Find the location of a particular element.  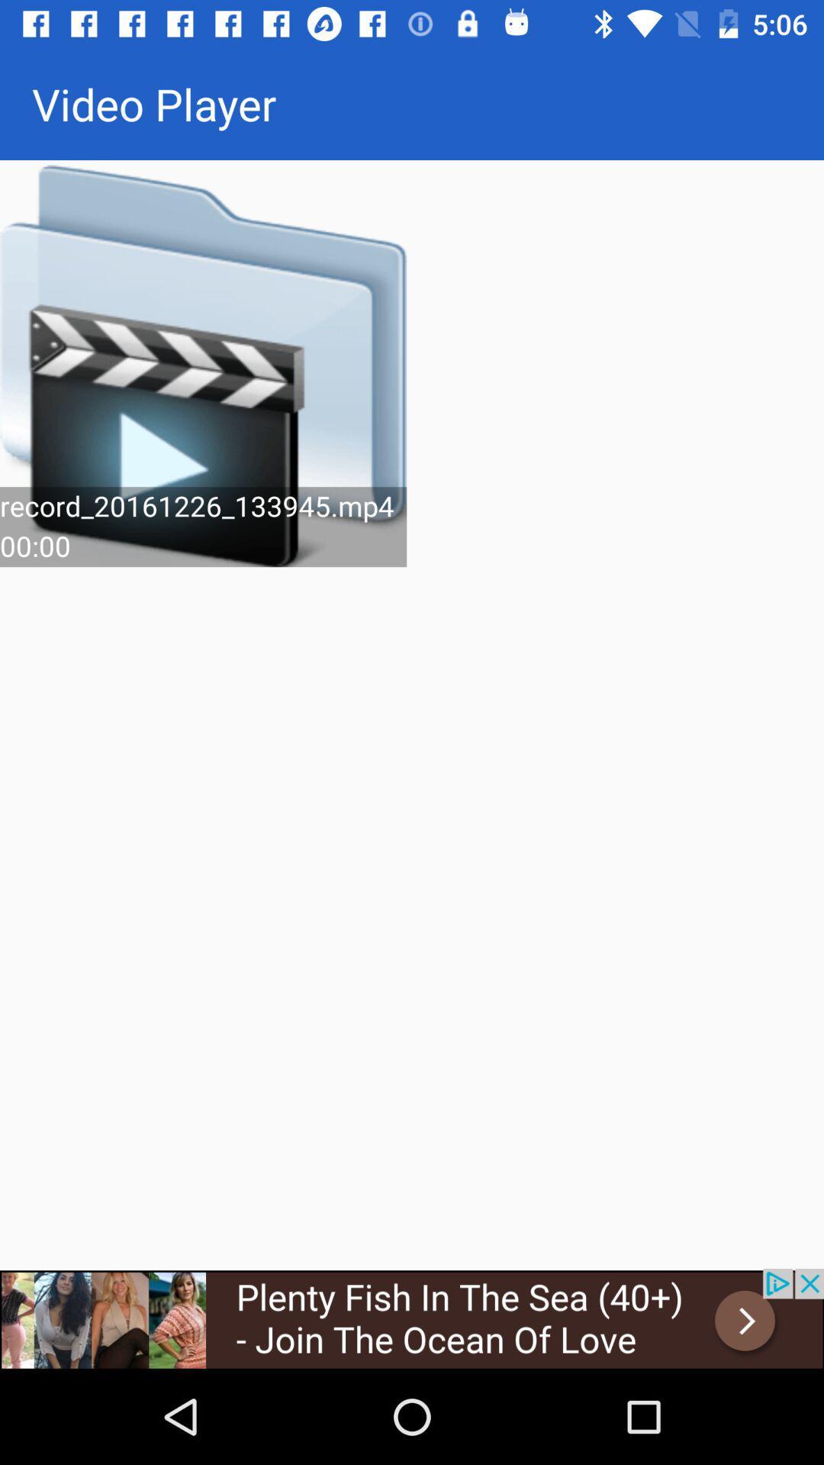

it is a hyperlink to a dating site is located at coordinates (412, 1318).